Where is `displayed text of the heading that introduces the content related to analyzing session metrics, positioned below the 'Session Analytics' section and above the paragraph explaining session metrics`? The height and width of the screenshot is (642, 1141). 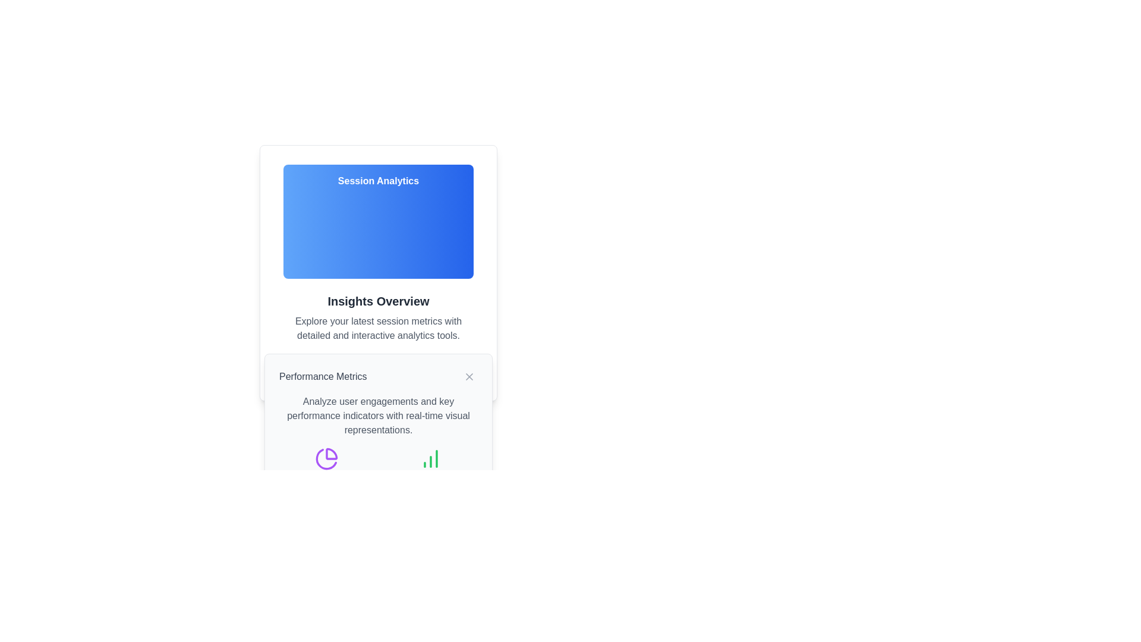 displayed text of the heading that introduces the content related to analyzing session metrics, positioned below the 'Session Analytics' section and above the paragraph explaining session metrics is located at coordinates (378, 300).